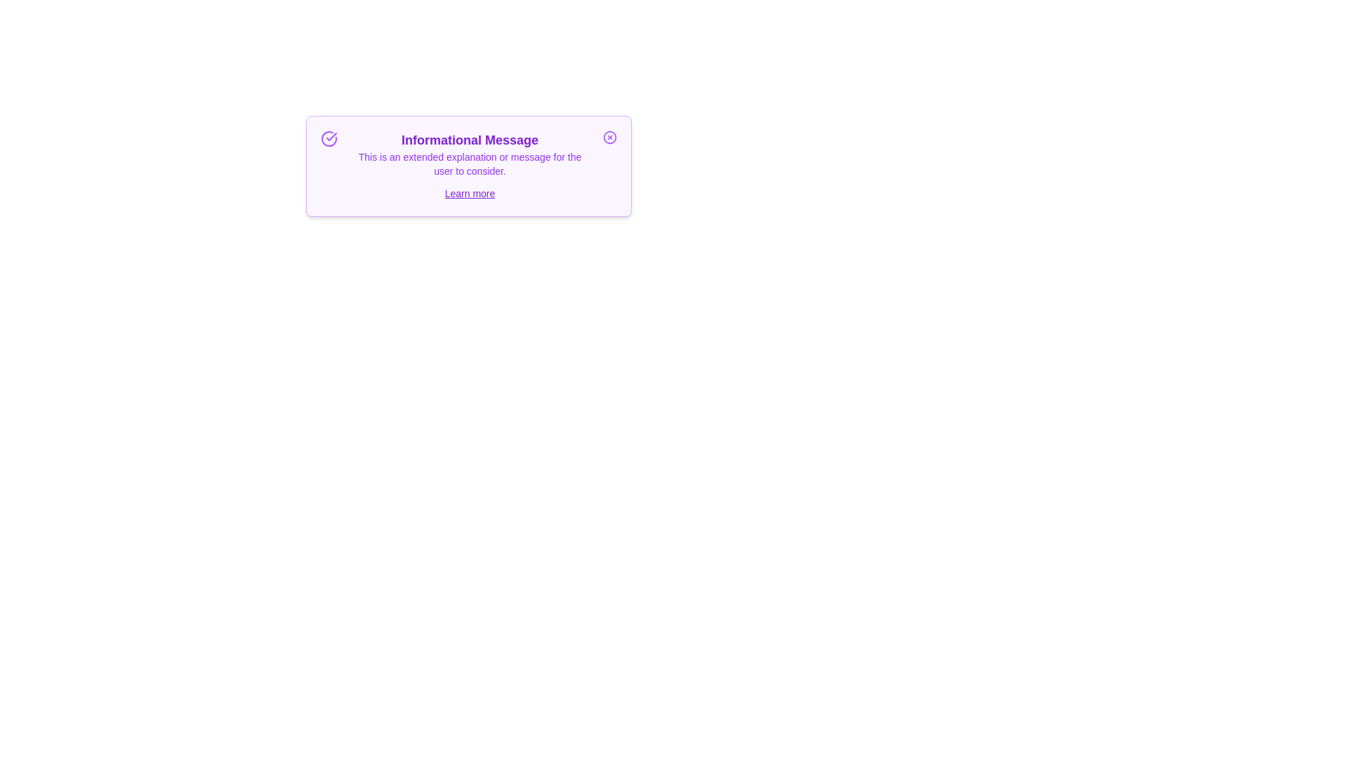  What do you see at coordinates (328, 138) in the screenshot?
I see `the icon representing information status to observe its details` at bounding box center [328, 138].